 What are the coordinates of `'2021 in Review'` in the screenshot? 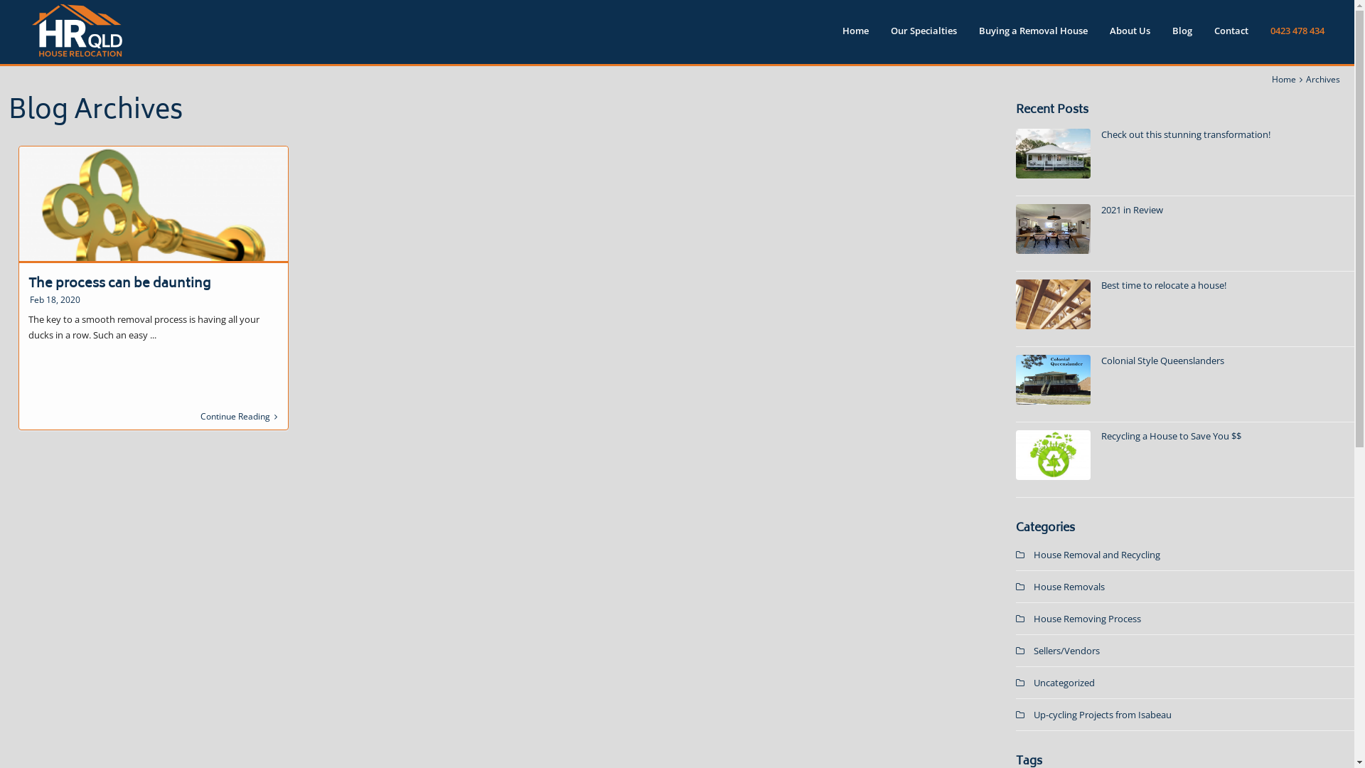 It's located at (1131, 209).